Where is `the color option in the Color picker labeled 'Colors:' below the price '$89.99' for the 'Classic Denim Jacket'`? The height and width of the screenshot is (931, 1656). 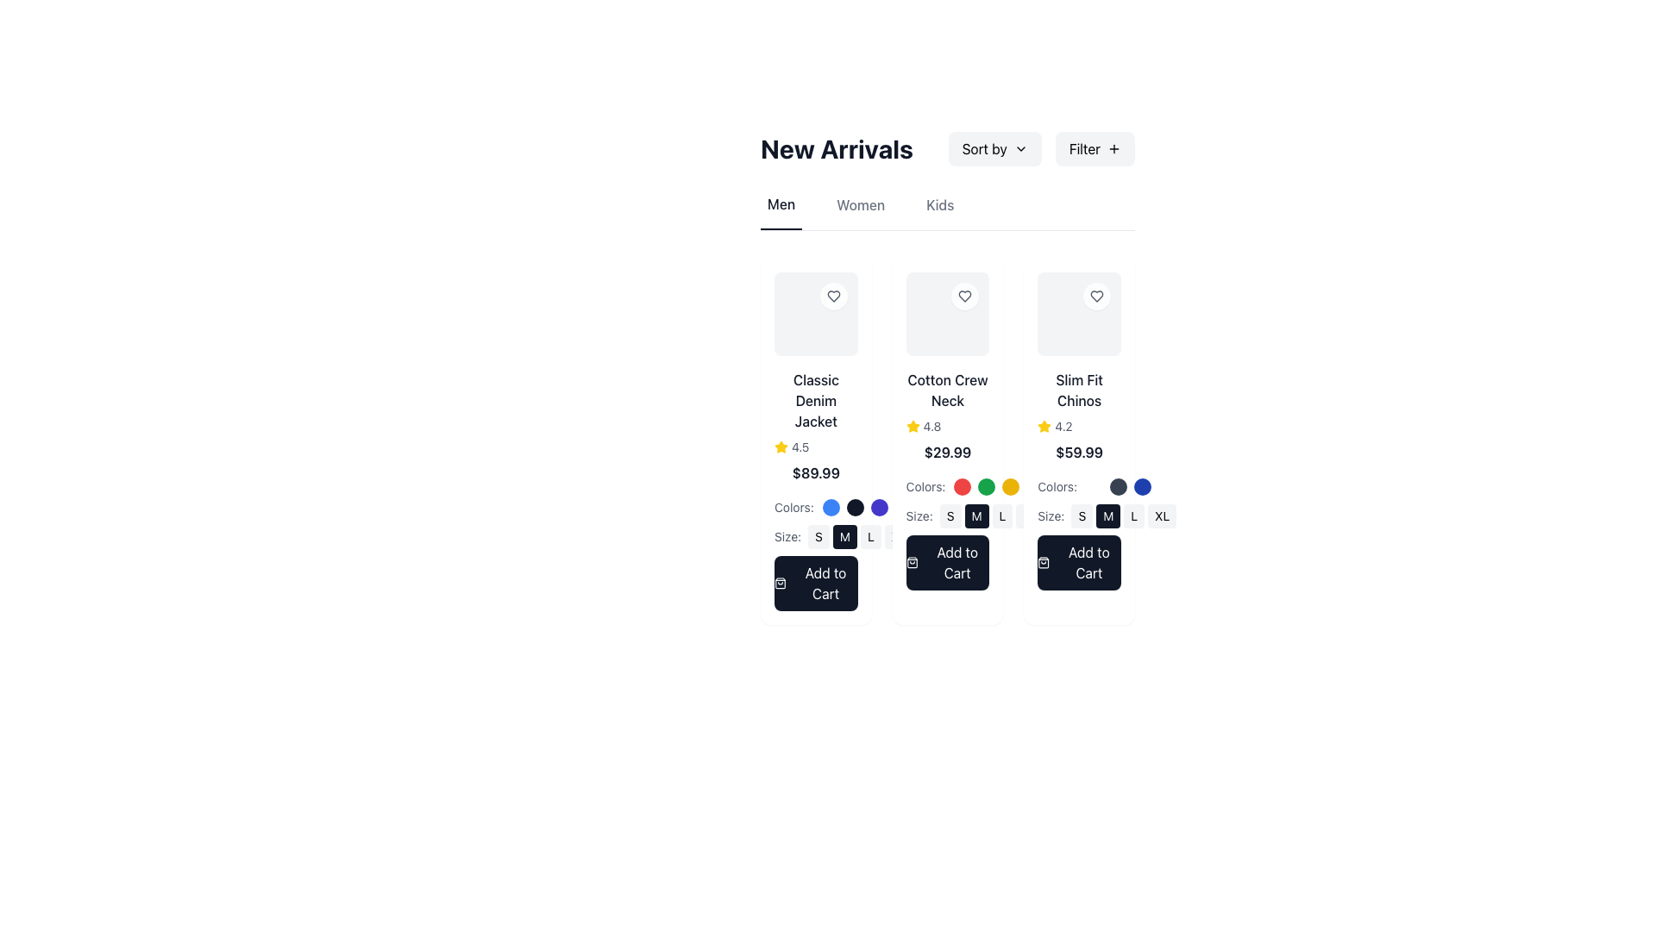
the color option in the Color picker labeled 'Colors:' below the price '$89.99' for the 'Classic Denim Jacket' is located at coordinates (814, 503).